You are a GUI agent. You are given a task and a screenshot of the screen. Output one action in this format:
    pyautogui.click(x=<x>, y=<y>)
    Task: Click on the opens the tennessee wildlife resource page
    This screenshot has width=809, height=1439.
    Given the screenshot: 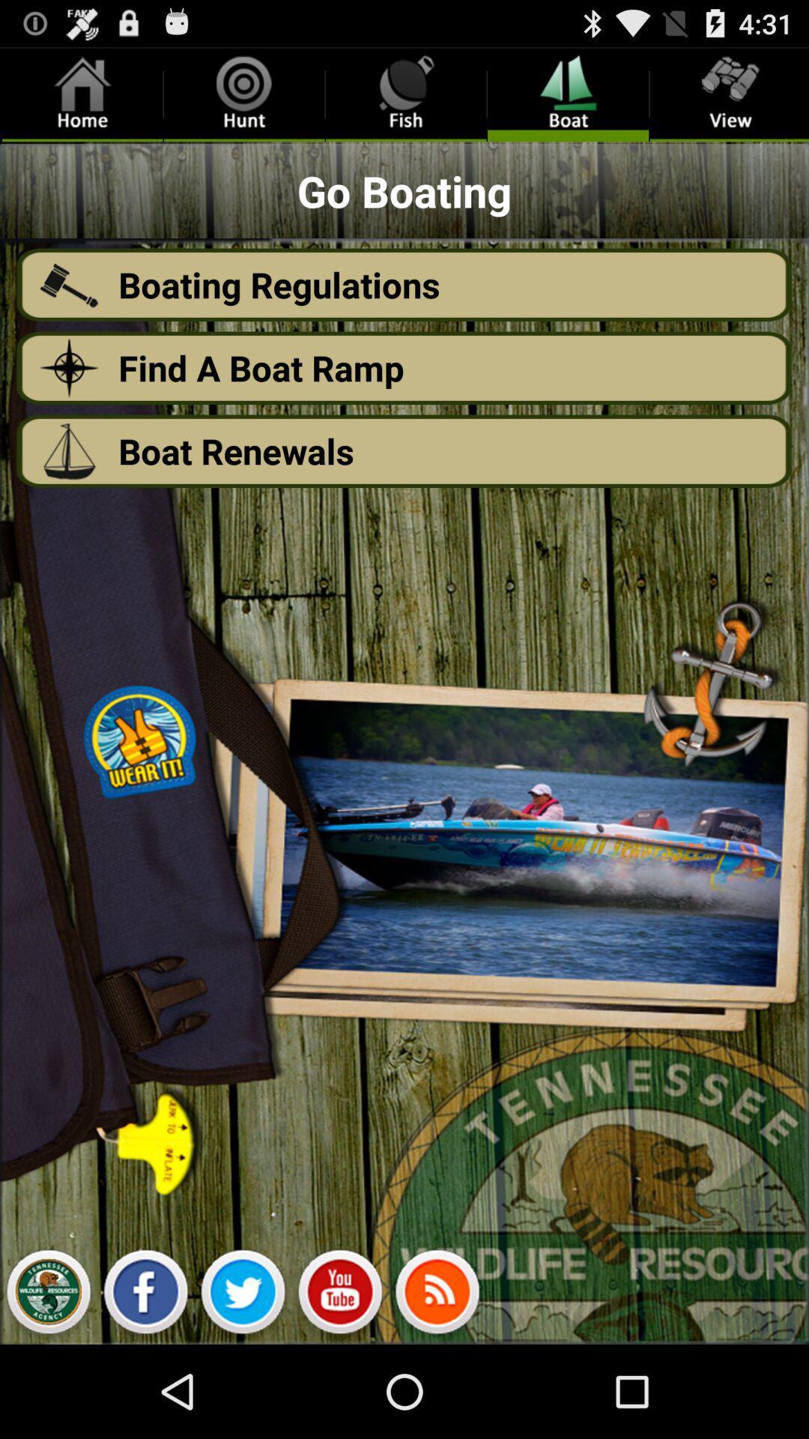 What is the action you would take?
    pyautogui.click(x=47, y=1295)
    